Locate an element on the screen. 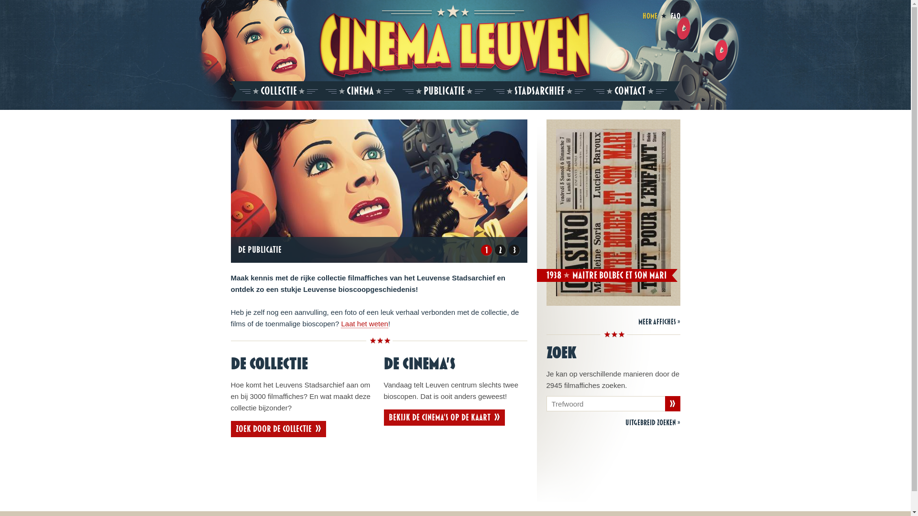 This screenshot has height=516, width=918. 'Laat het weten' is located at coordinates (341, 323).